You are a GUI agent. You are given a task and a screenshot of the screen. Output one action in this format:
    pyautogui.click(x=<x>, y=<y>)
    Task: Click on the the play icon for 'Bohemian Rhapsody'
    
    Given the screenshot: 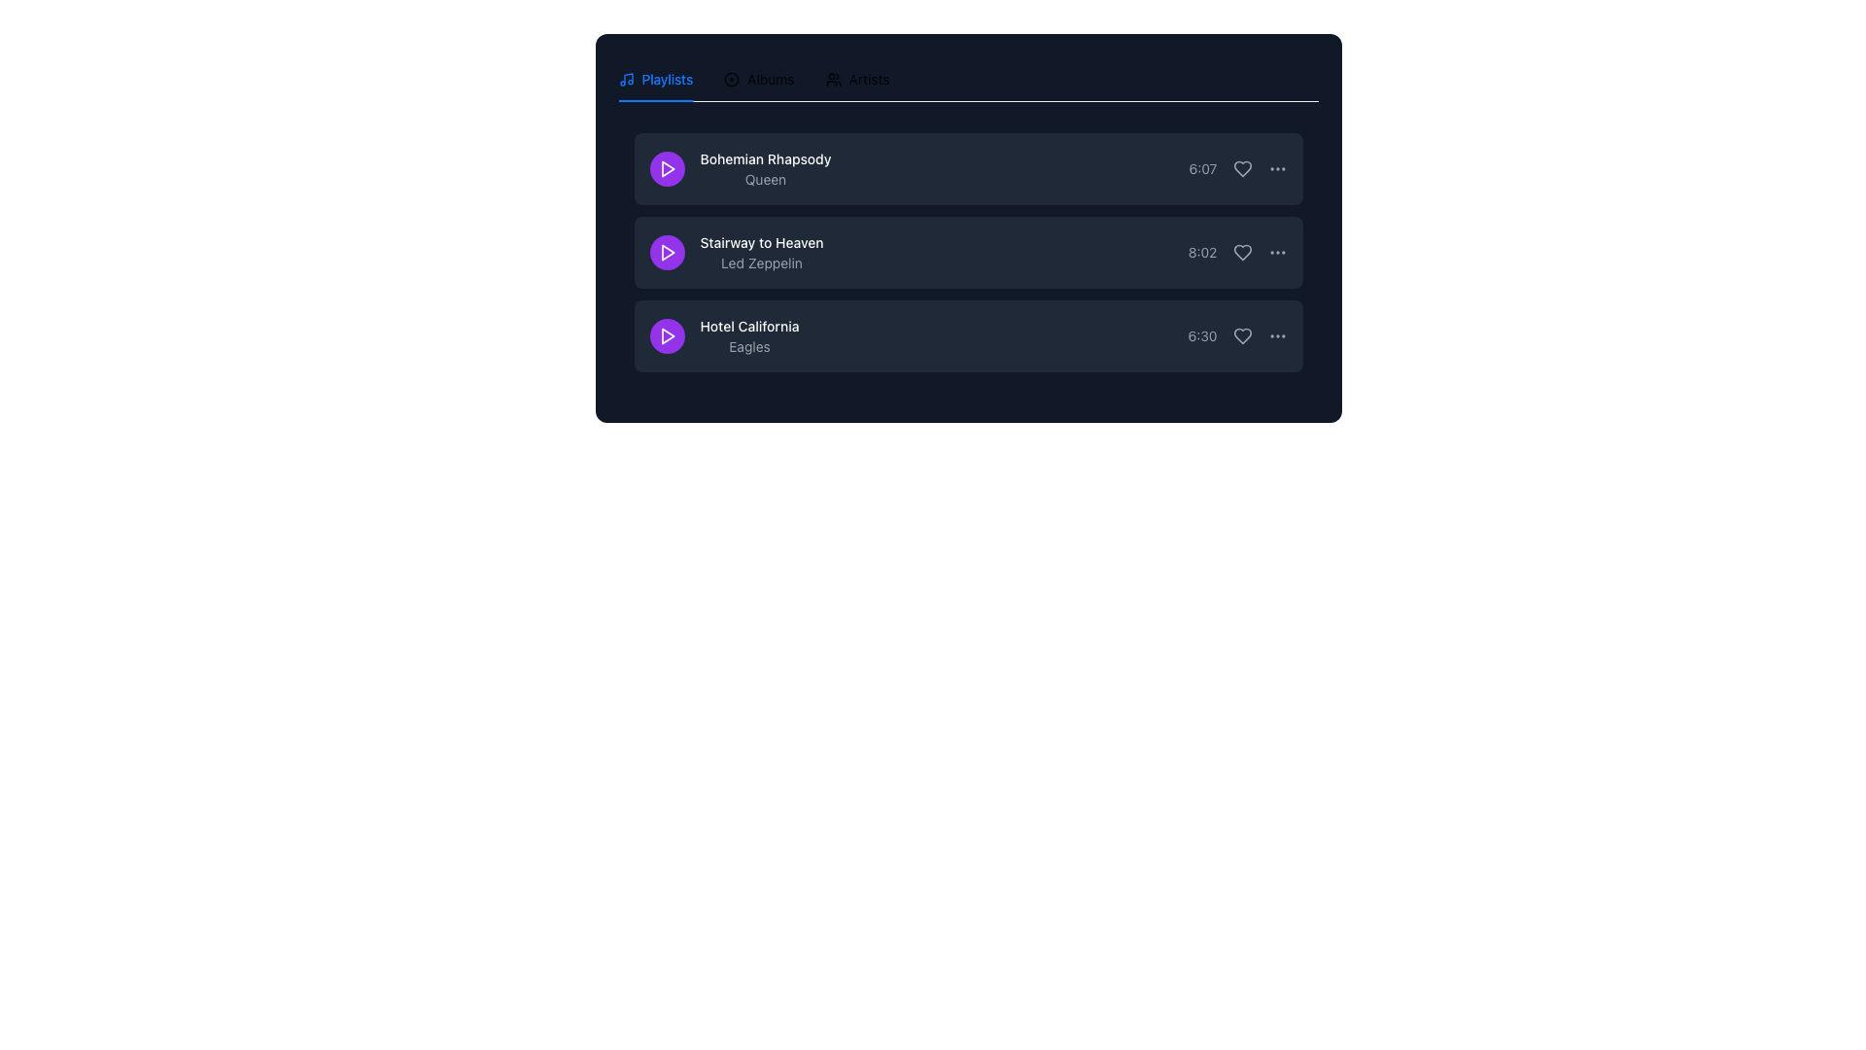 What is the action you would take?
    pyautogui.click(x=668, y=167)
    